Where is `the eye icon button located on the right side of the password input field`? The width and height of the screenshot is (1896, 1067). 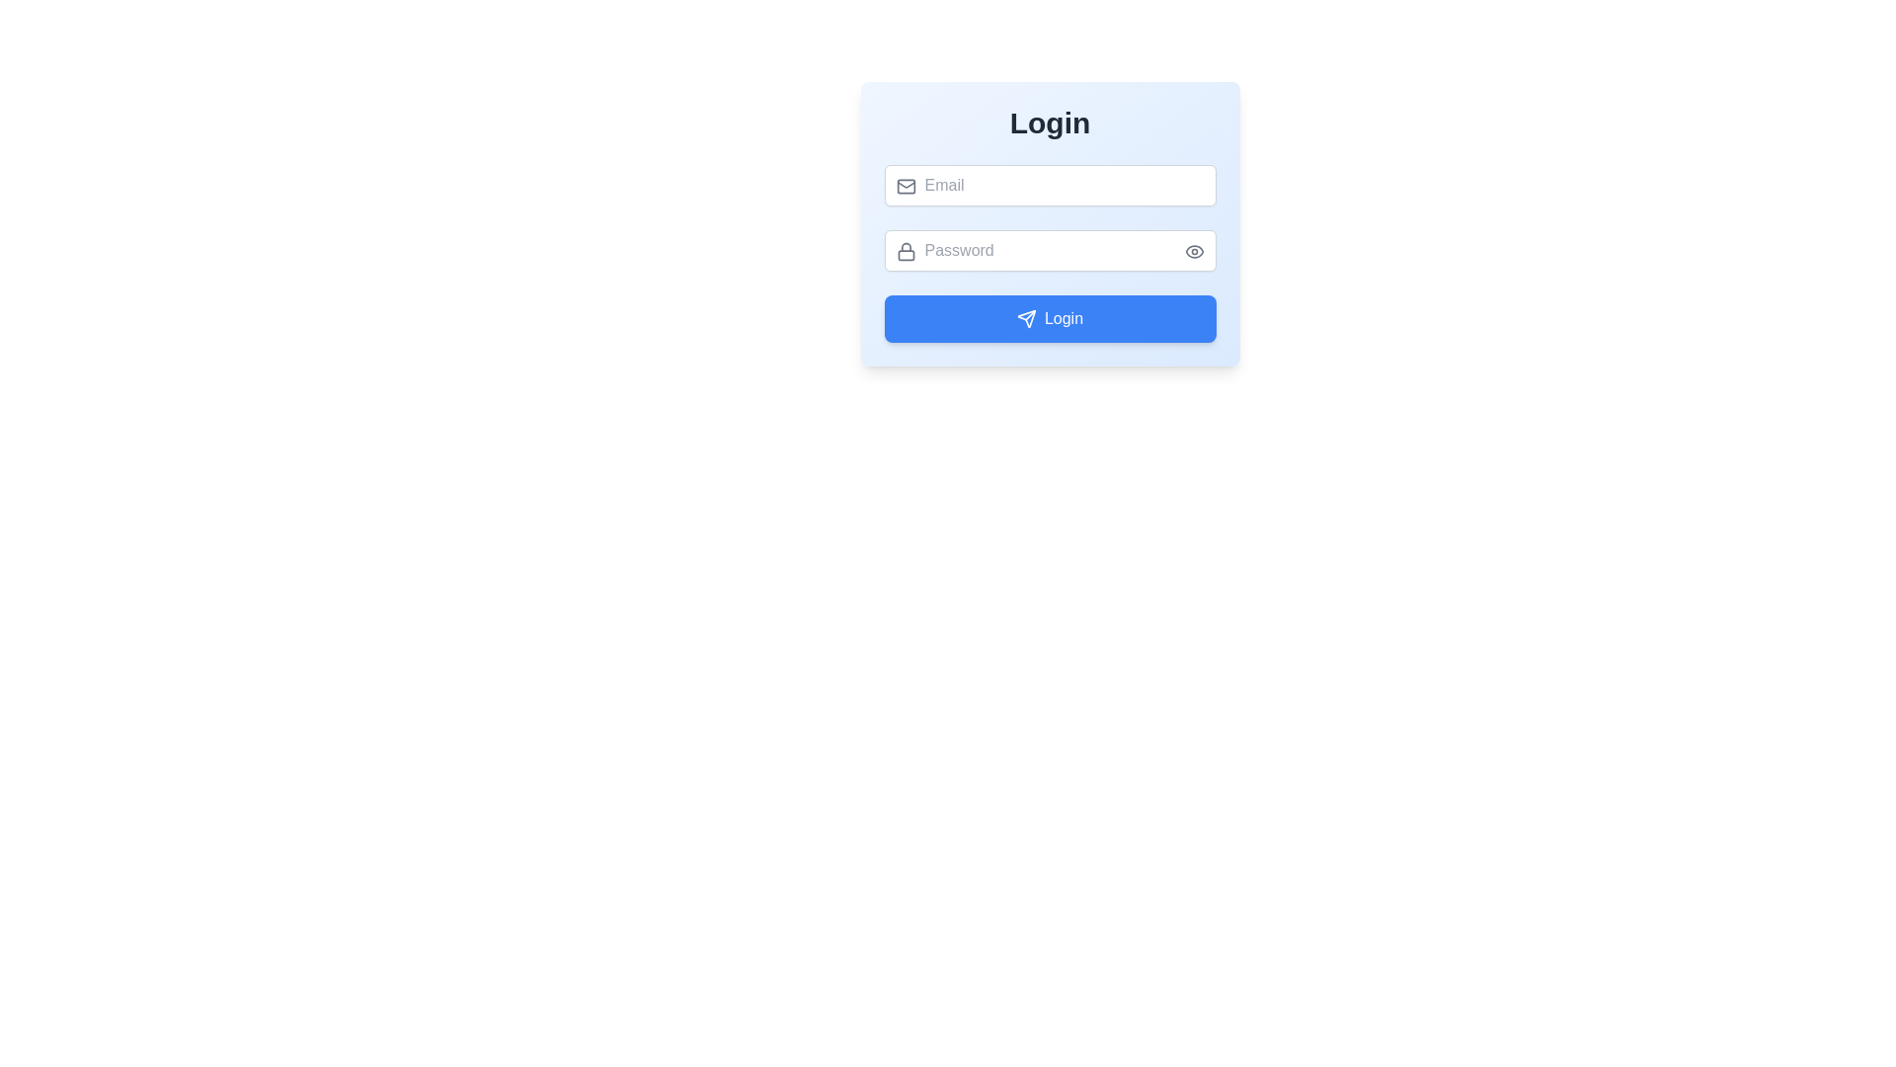 the eye icon button located on the right side of the password input field is located at coordinates (1193, 250).